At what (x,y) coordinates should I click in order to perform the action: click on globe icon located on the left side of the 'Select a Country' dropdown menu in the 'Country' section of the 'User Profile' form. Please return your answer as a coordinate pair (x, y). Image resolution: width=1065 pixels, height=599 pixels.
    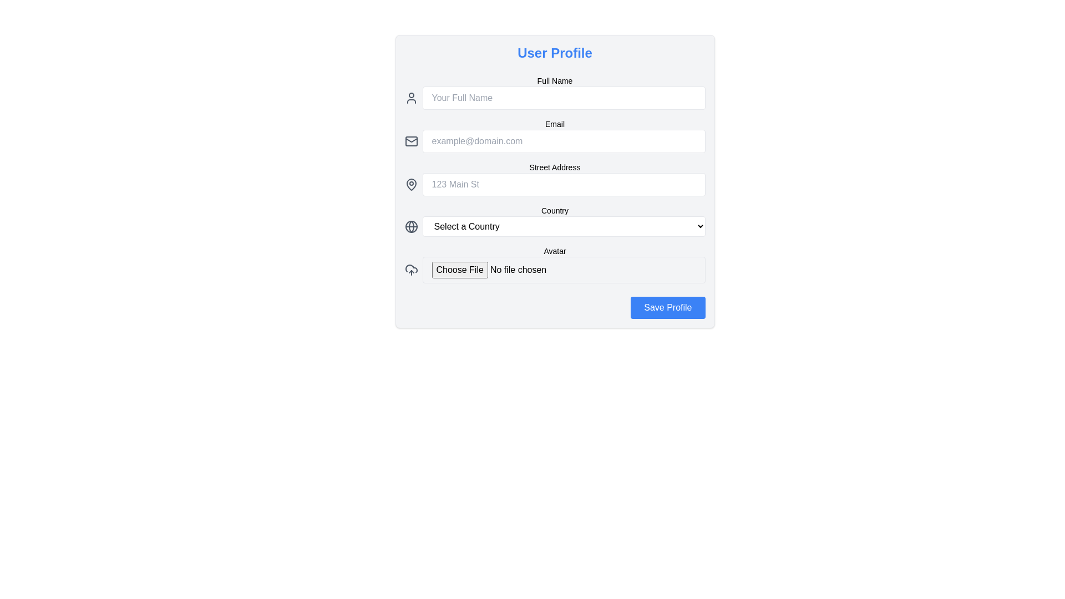
    Looking at the image, I should click on (410, 226).